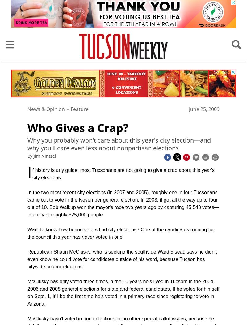 This screenshot has height=325, width=247. Describe the element at coordinates (123, 173) in the screenshot. I see `'f history is any guide, most Tucsonans are not going to give a crap
about this year's city elections.'` at that location.